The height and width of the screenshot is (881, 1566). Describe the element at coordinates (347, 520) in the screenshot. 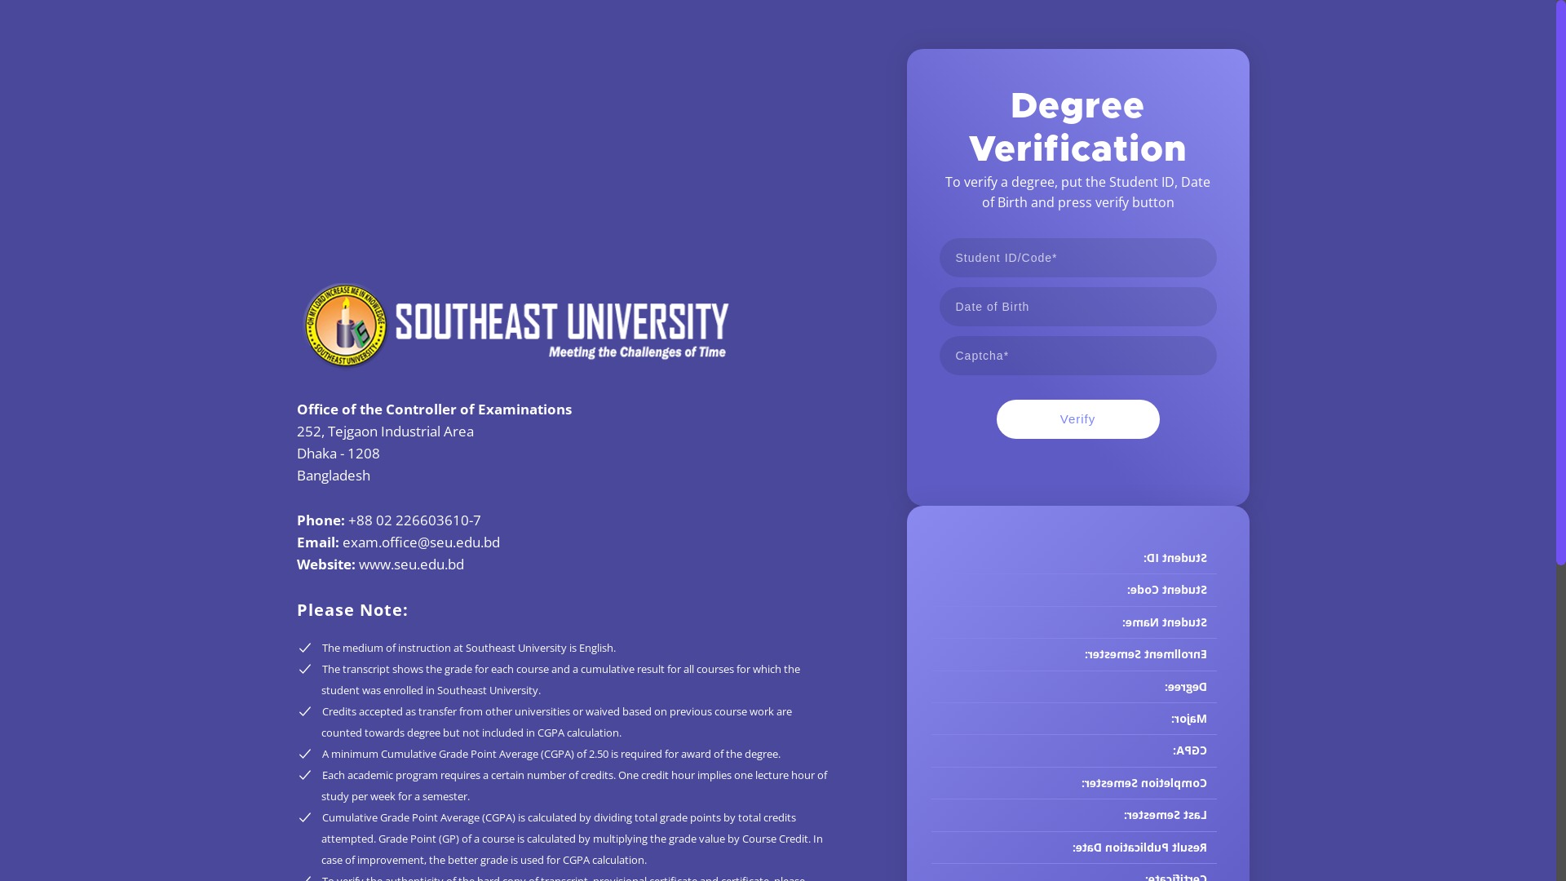

I see `'+88 02 226603610-7'` at that location.